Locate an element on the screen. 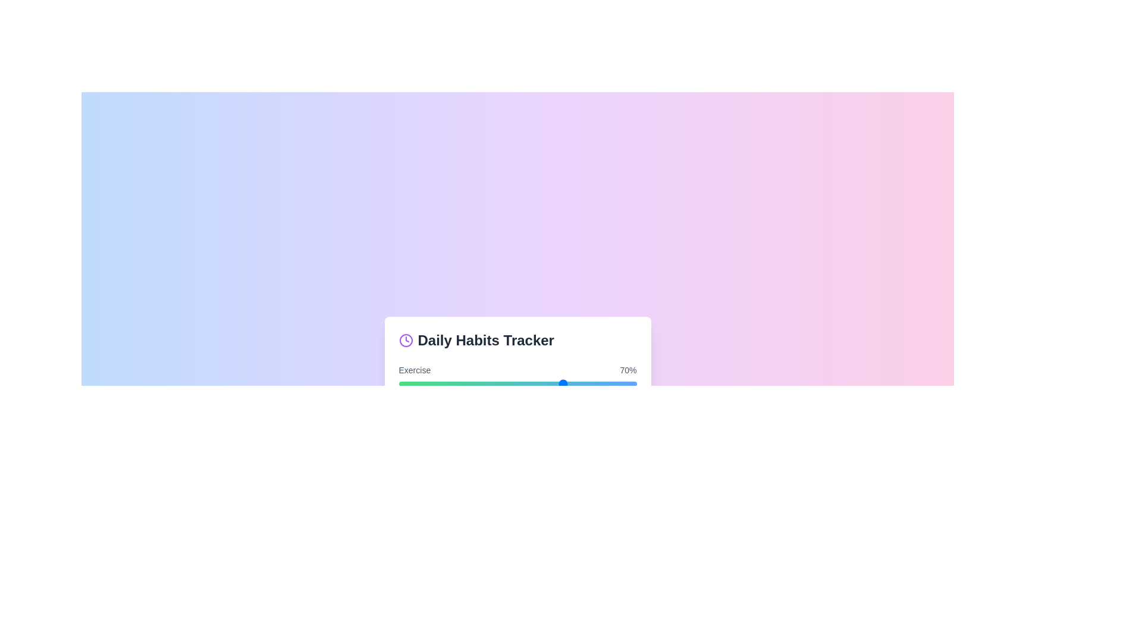 Image resolution: width=1142 pixels, height=642 pixels. the header of the Daily Habits Tracker component to focus or select it is located at coordinates (517, 341).